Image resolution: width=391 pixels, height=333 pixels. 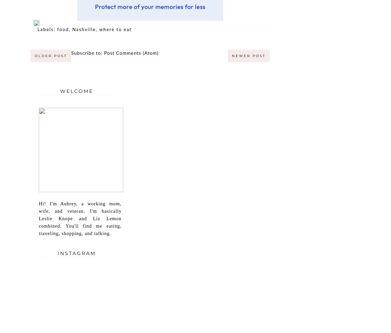 What do you see at coordinates (80, 219) in the screenshot?
I see `'Hi!  I'm Aubrey, a working mom, wife, and veteran.  I'm basically Leslie Knope and Liz Lemon combined. You'll find me eating, traveling, shopping, and talking.'` at bounding box center [80, 219].